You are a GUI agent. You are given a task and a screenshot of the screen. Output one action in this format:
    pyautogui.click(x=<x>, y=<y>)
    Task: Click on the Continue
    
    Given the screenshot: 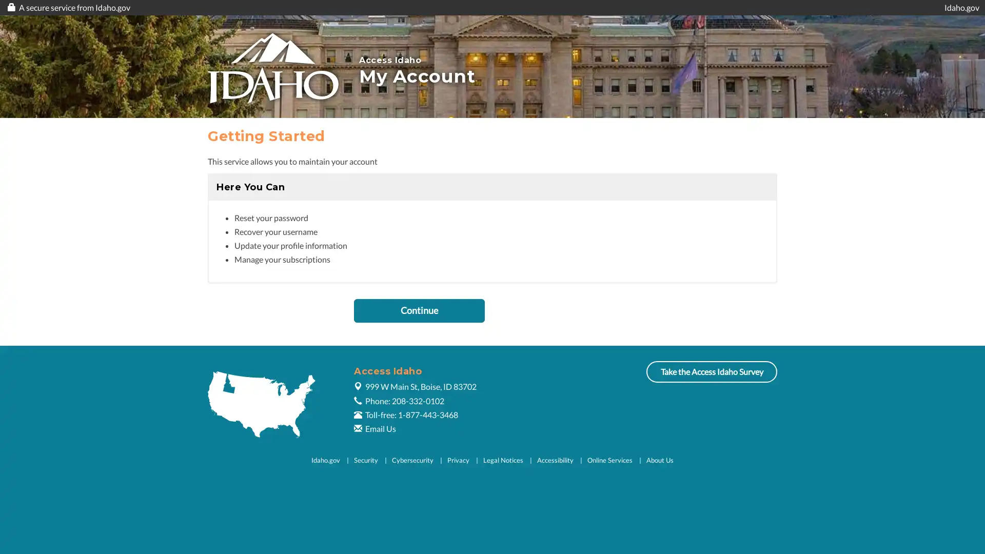 What is the action you would take?
    pyautogui.click(x=419, y=310)
    